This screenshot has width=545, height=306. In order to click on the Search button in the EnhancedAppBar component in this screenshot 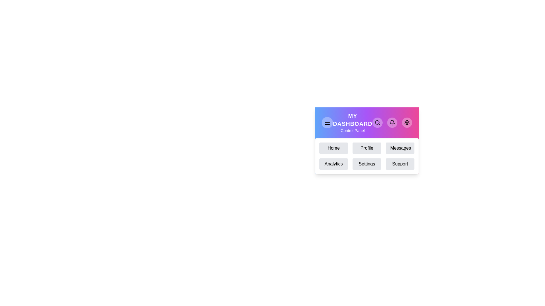, I will do `click(377, 122)`.